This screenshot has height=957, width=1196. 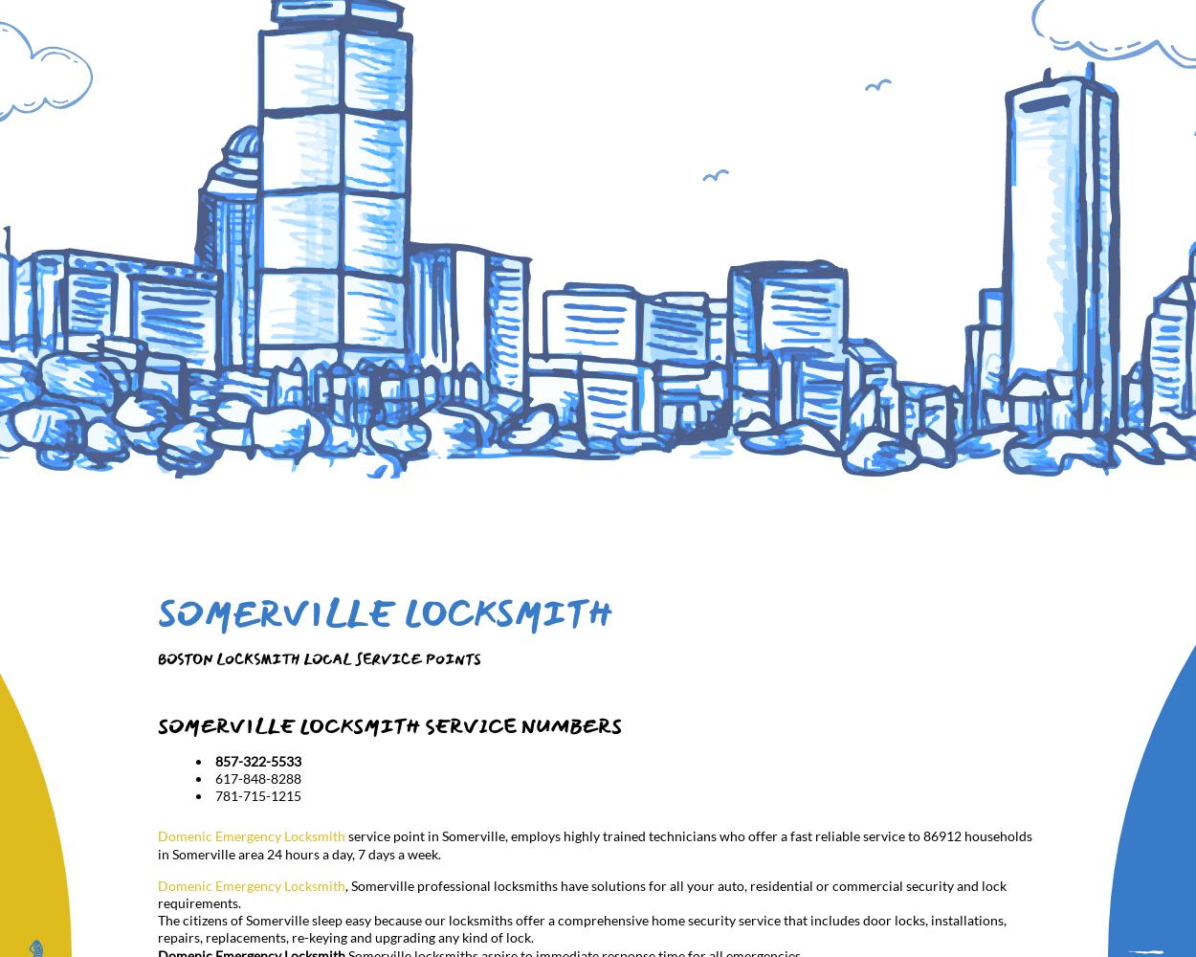 I want to click on 'Boston Locksmith Local Service Points', so click(x=158, y=658).